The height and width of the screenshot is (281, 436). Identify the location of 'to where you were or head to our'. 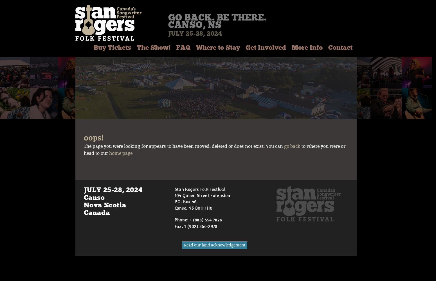
(214, 150).